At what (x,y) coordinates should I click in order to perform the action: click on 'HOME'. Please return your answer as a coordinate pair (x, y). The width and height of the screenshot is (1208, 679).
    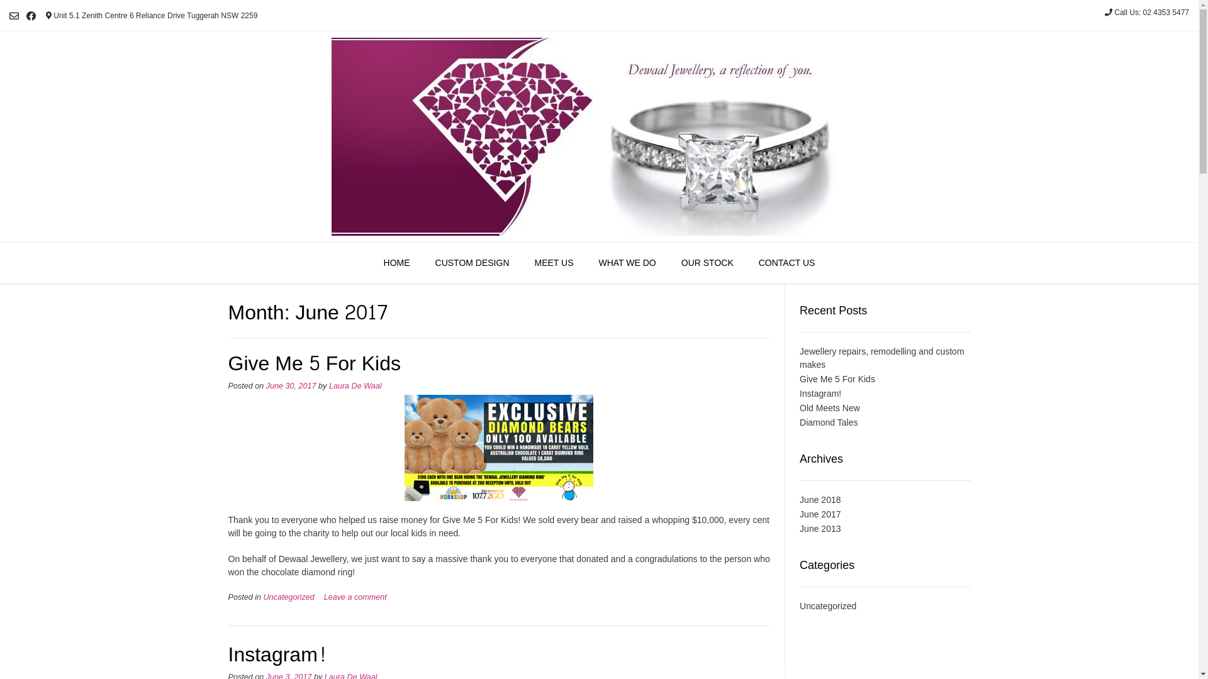
    Looking at the image, I should click on (371, 263).